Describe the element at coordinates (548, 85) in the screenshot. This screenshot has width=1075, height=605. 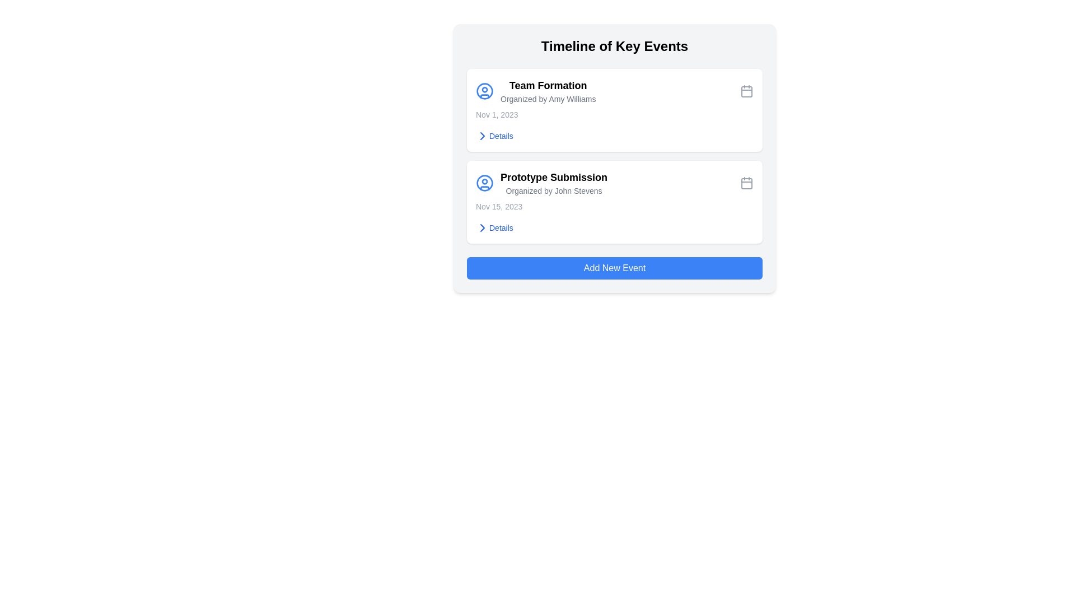
I see `title 'Team Formation' located at the top of the first card under the 'Timeline of Key Events' heading, which provides context for the event` at that location.